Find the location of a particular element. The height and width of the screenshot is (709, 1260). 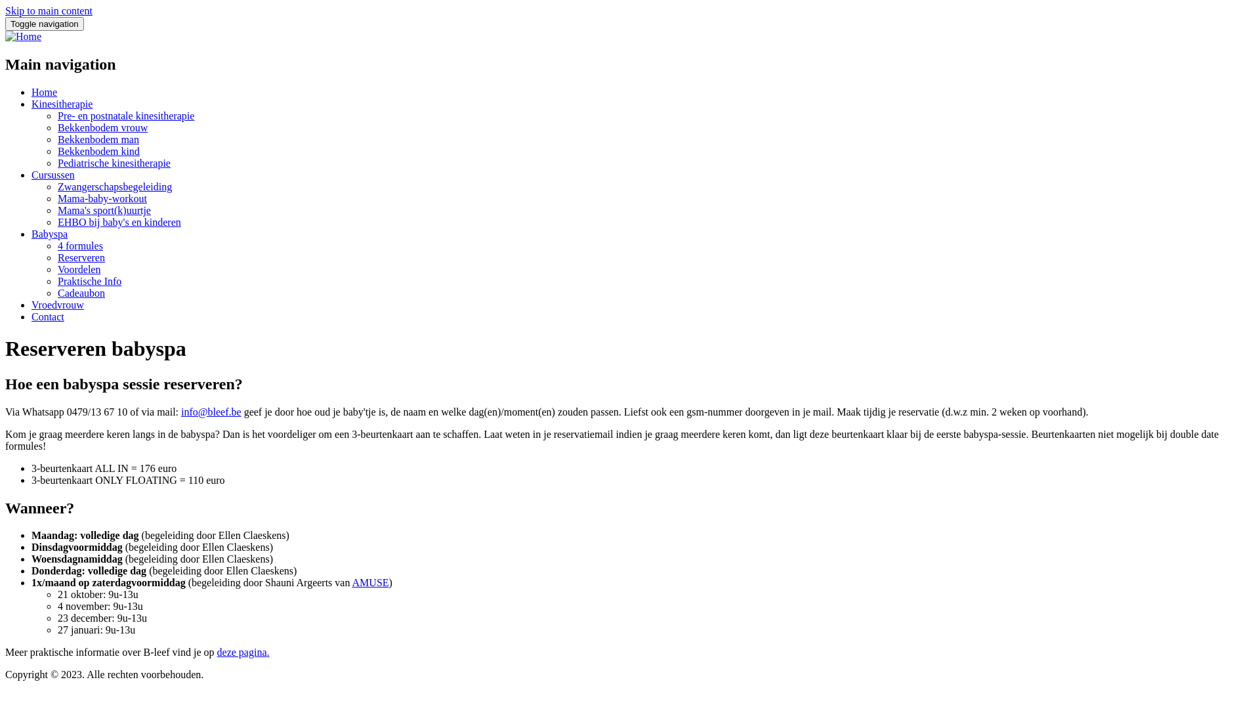

'Cadeaubon' is located at coordinates (81, 292).